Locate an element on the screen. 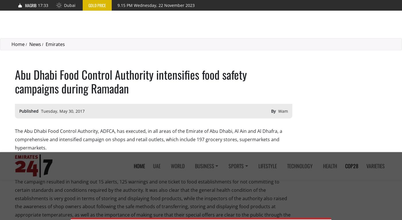  'Technology' is located at coordinates (300, 13).